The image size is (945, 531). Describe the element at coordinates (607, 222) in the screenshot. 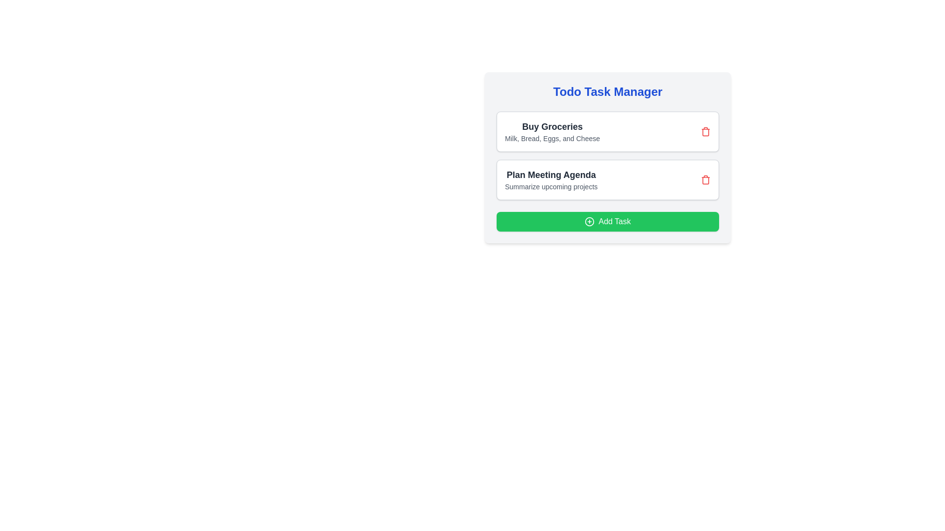

I see `'Add Task' button to add a new task` at that location.